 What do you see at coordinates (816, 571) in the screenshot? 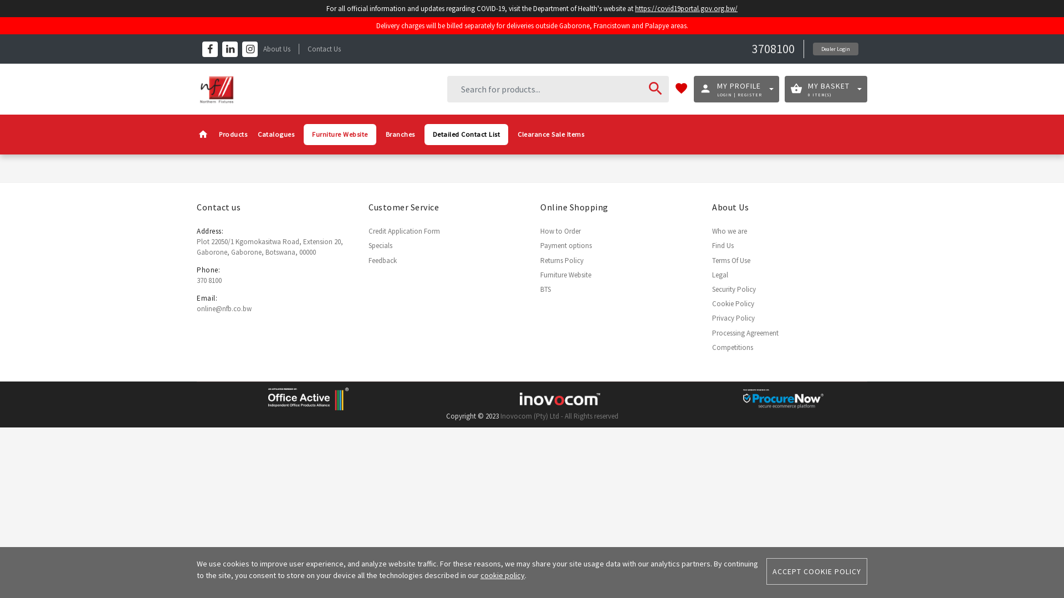
I see `'ACCEPT COOKIE POLICY'` at bounding box center [816, 571].